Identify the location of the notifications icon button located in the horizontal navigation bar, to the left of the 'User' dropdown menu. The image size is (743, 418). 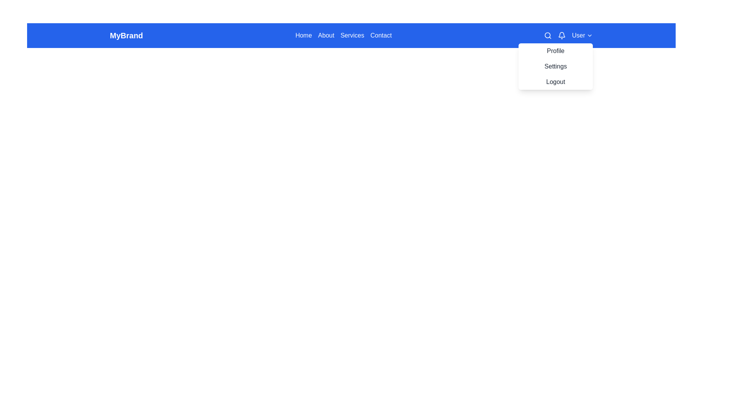
(562, 36).